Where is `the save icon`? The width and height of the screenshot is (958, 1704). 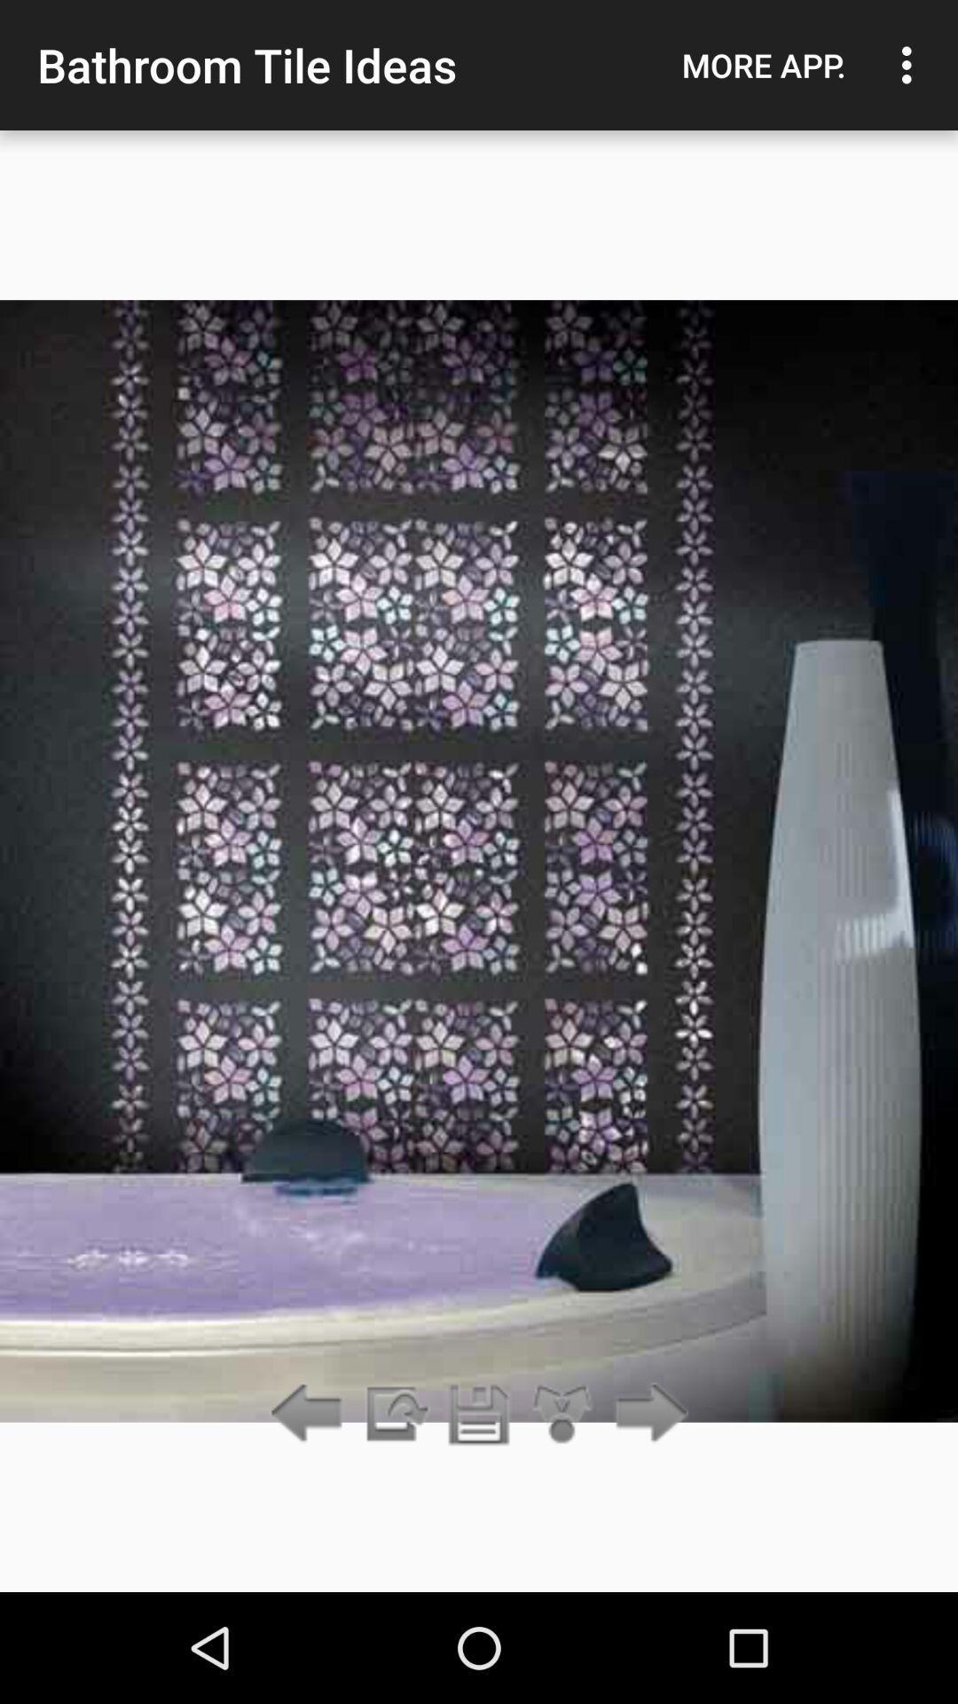
the save icon is located at coordinates (479, 1414).